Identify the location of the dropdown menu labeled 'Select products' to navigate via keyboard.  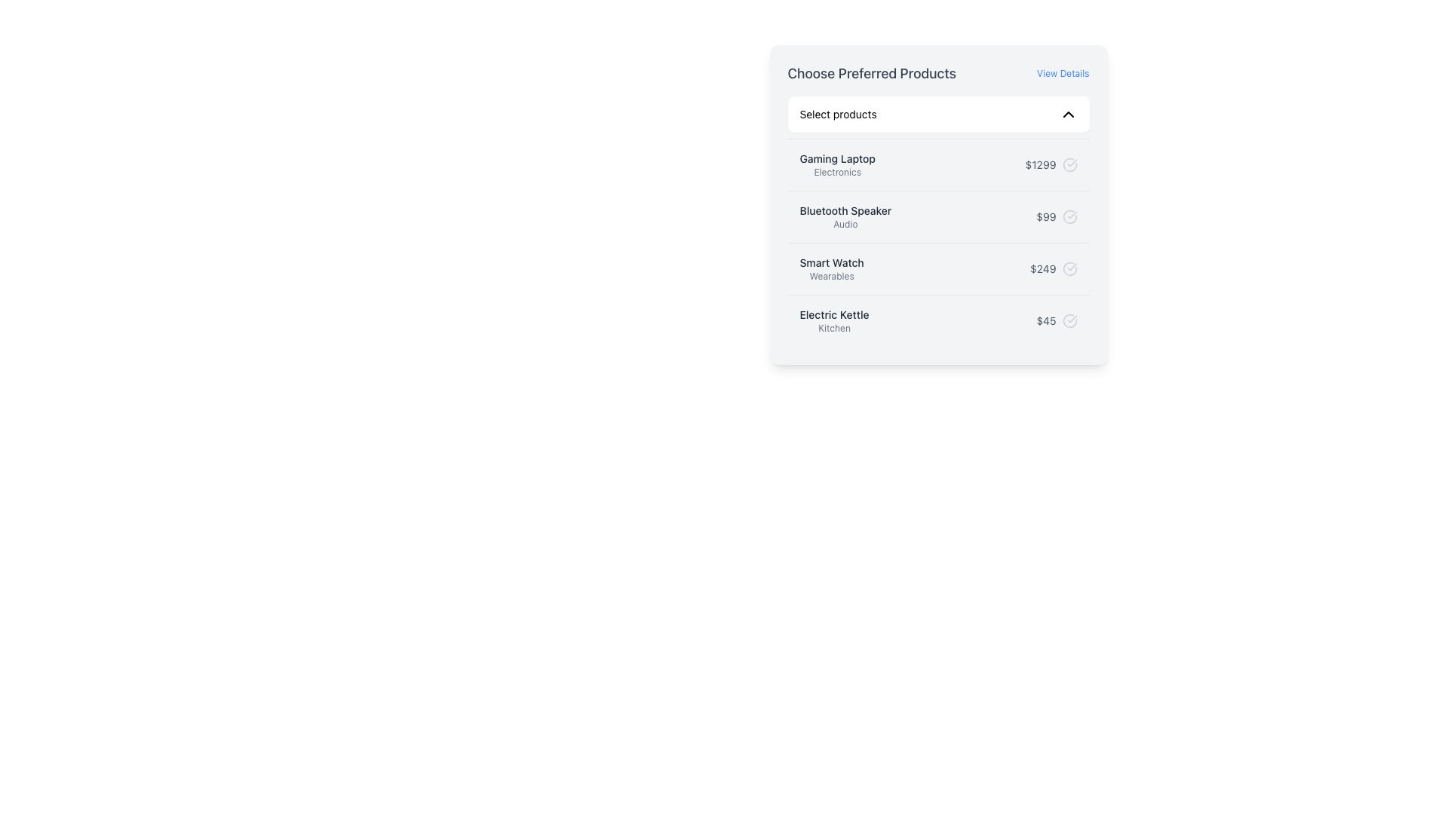
(937, 113).